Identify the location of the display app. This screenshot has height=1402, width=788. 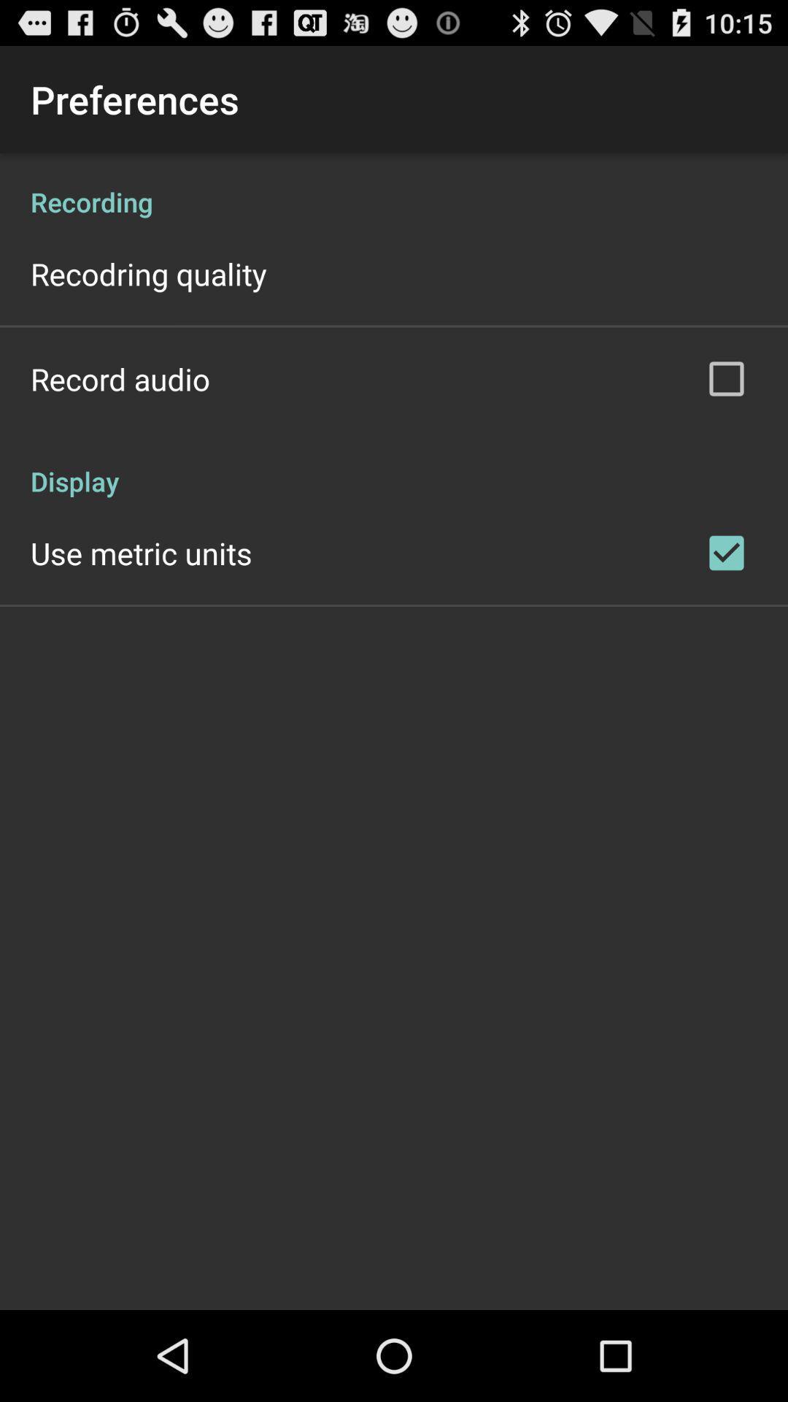
(394, 465).